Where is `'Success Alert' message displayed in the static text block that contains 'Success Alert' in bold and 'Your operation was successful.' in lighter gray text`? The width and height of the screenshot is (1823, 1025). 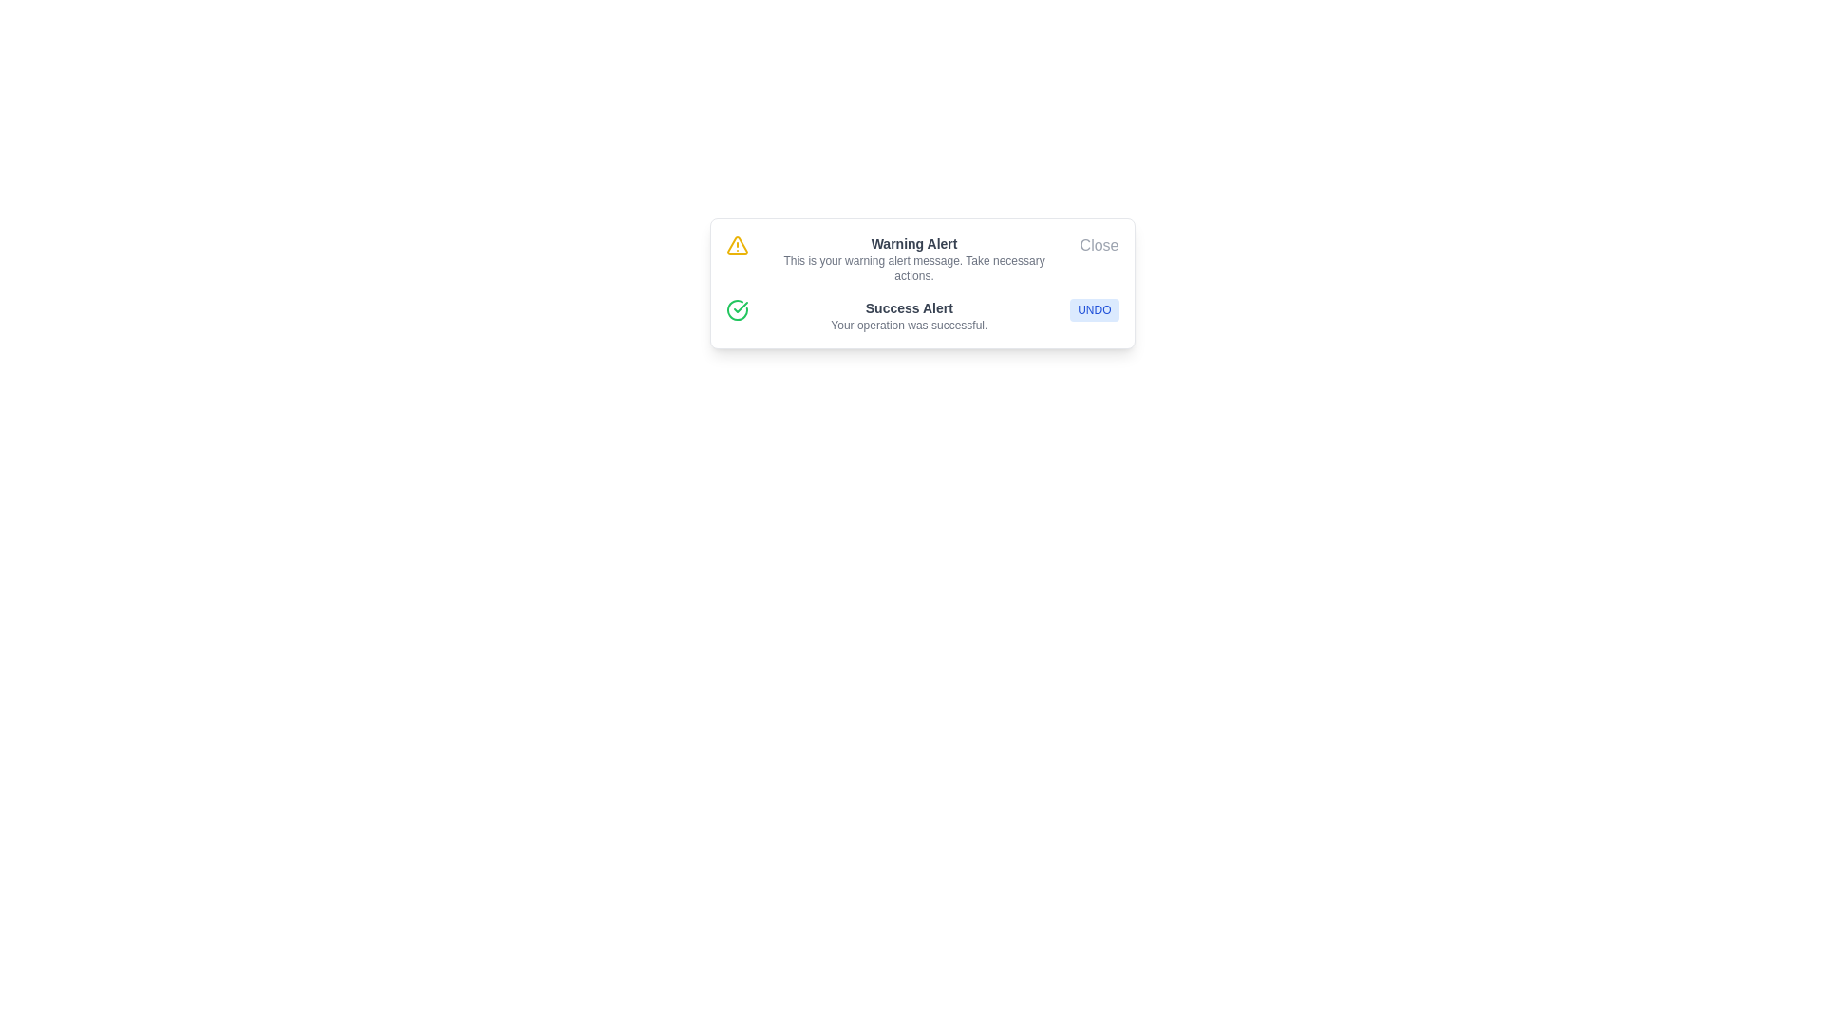 'Success Alert' message displayed in the static text block that contains 'Success Alert' in bold and 'Your operation was successful.' in lighter gray text is located at coordinates (908, 314).